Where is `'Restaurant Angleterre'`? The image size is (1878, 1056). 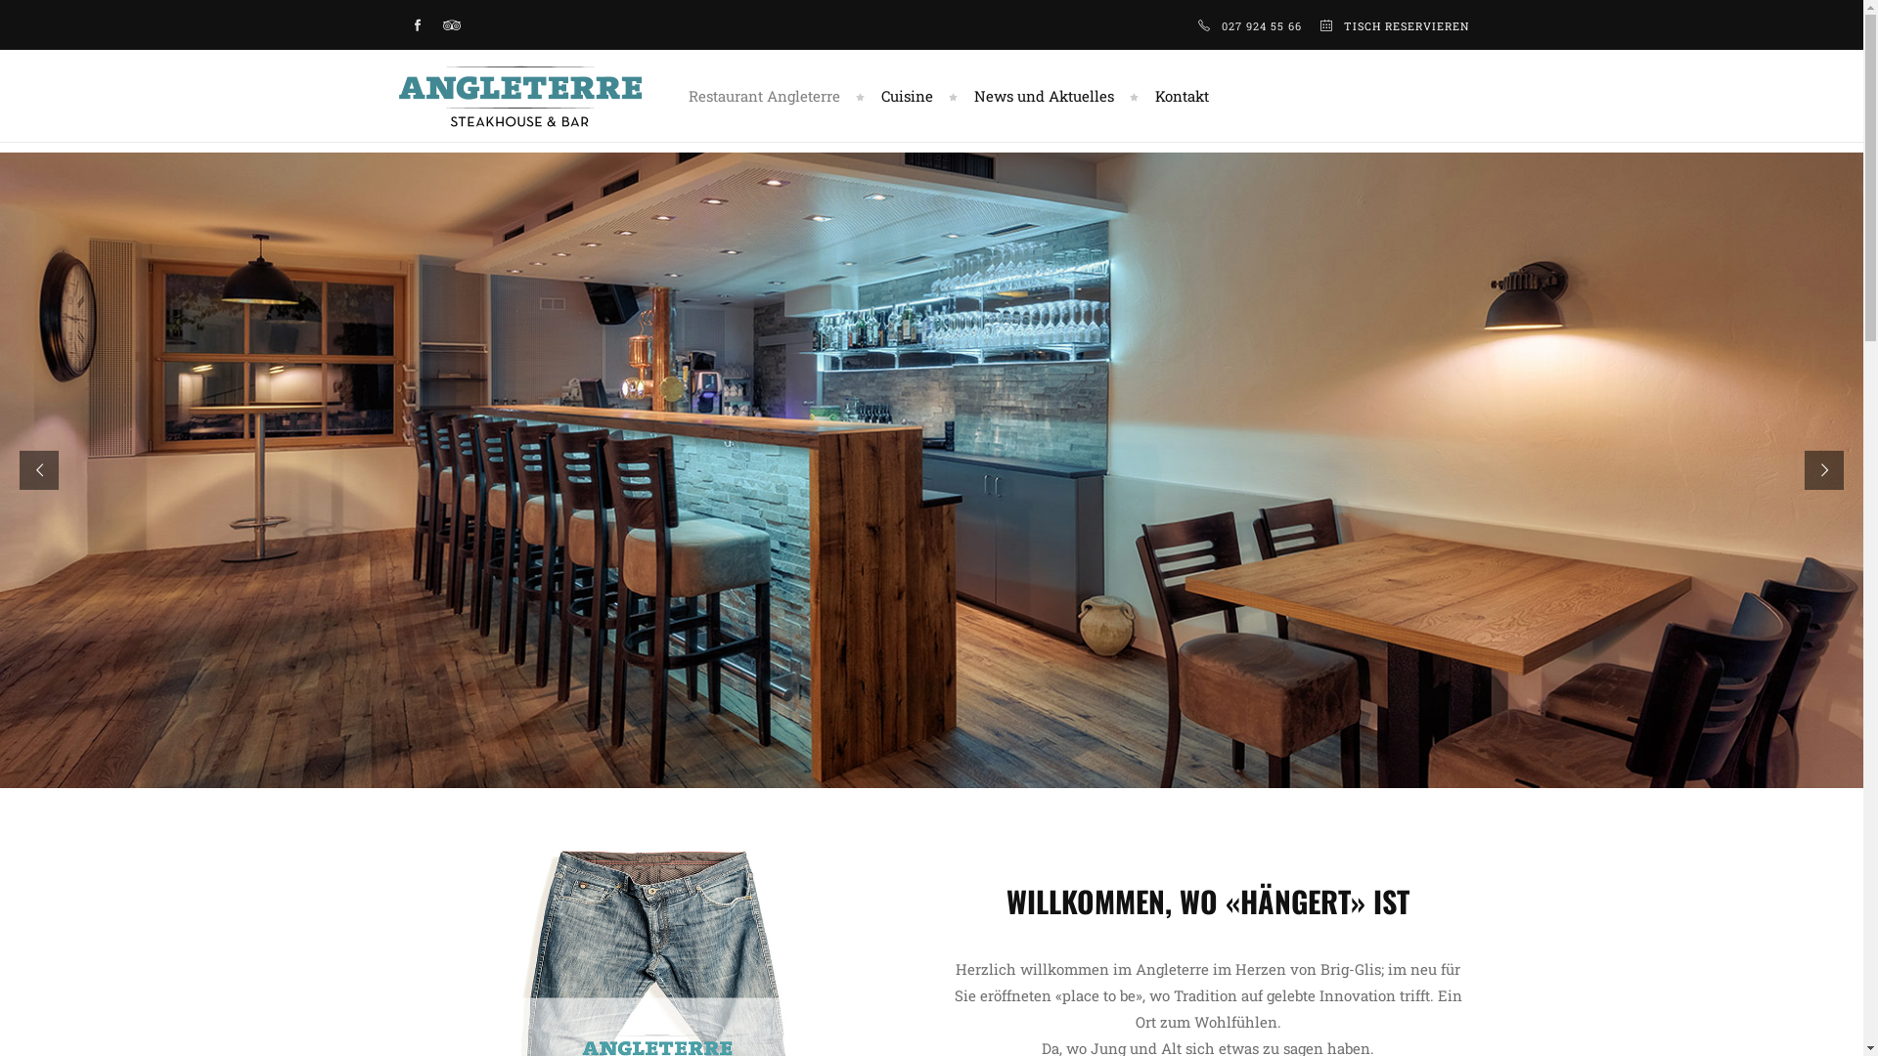 'Restaurant Angleterre' is located at coordinates (666, 95).